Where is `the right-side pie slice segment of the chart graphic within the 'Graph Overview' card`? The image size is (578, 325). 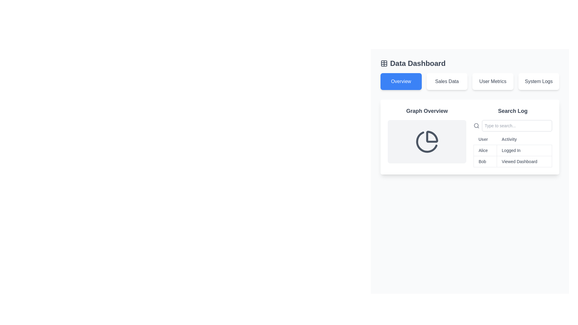 the right-side pie slice segment of the chart graphic within the 'Graph Overview' card is located at coordinates (432, 137).